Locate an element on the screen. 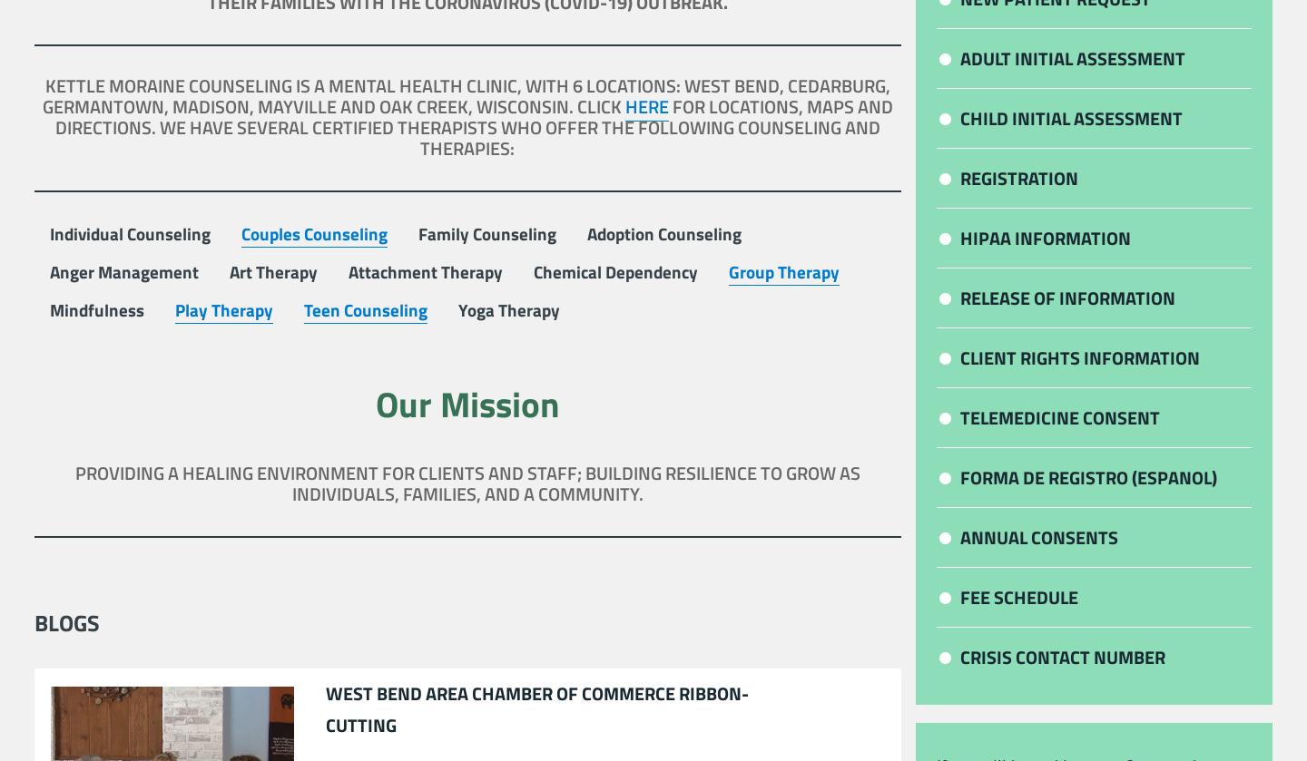 The image size is (1307, 761). 'Registration' is located at coordinates (1018, 178).